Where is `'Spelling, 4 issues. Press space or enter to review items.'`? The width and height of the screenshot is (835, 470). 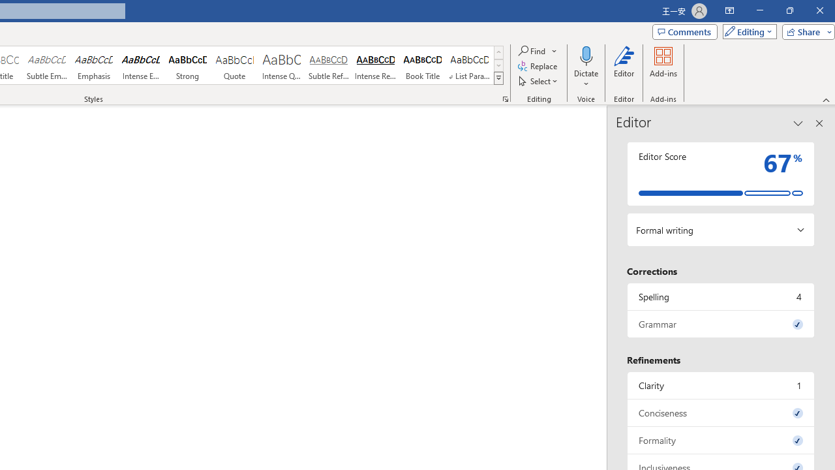 'Spelling, 4 issues. Press space or enter to review items.' is located at coordinates (720, 296).